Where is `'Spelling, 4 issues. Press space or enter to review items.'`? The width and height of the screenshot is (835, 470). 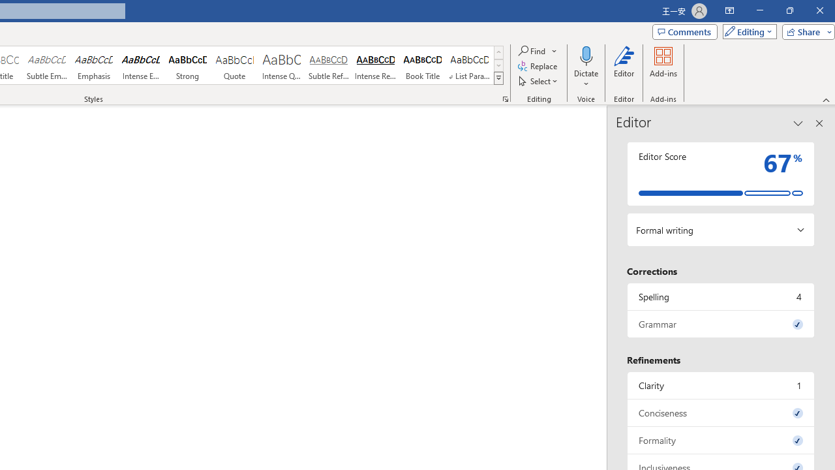 'Spelling, 4 issues. Press space or enter to review items.' is located at coordinates (720, 296).